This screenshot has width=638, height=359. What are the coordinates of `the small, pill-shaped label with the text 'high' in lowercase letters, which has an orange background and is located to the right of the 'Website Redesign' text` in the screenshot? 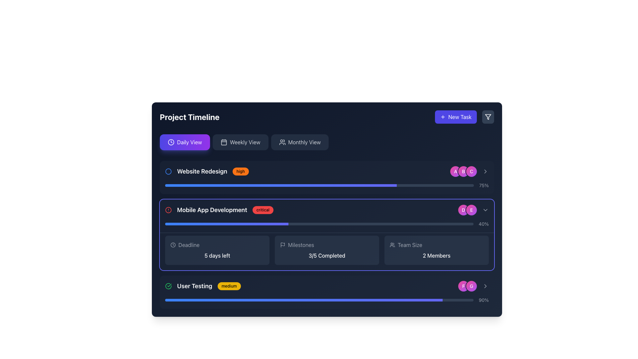 It's located at (240, 171).